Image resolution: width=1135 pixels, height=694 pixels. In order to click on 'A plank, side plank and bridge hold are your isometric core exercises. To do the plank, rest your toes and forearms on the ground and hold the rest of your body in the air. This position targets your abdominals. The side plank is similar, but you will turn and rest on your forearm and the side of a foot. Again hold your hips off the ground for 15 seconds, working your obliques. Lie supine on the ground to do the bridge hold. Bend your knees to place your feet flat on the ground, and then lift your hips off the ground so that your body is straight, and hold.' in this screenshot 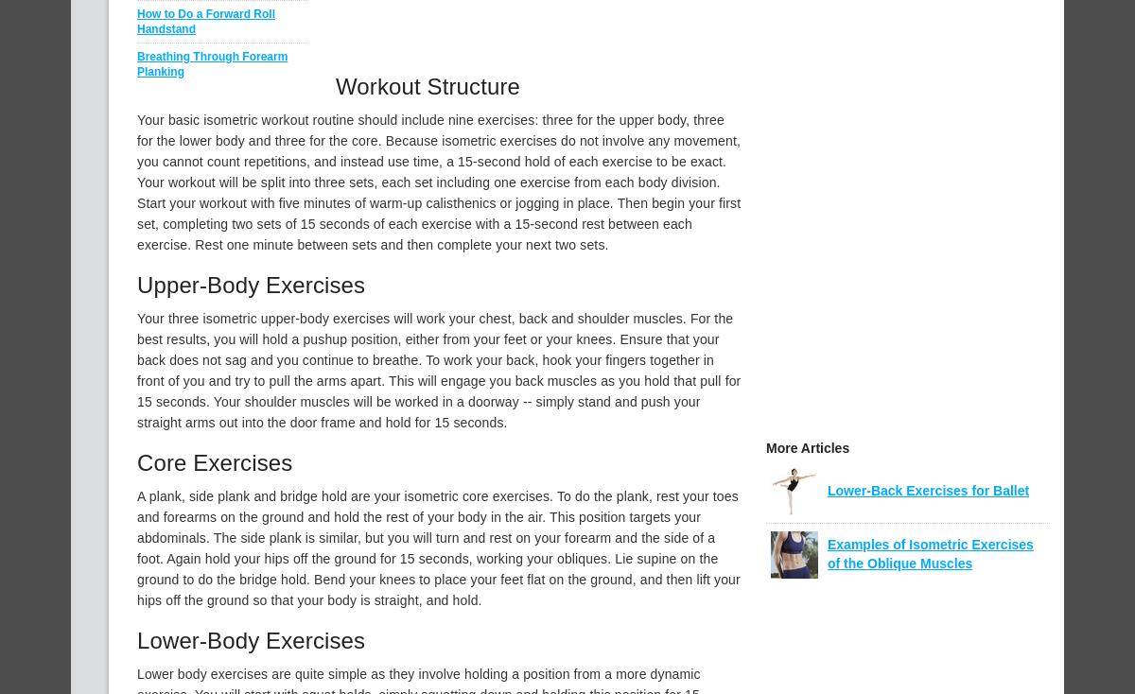, I will do `click(437, 548)`.